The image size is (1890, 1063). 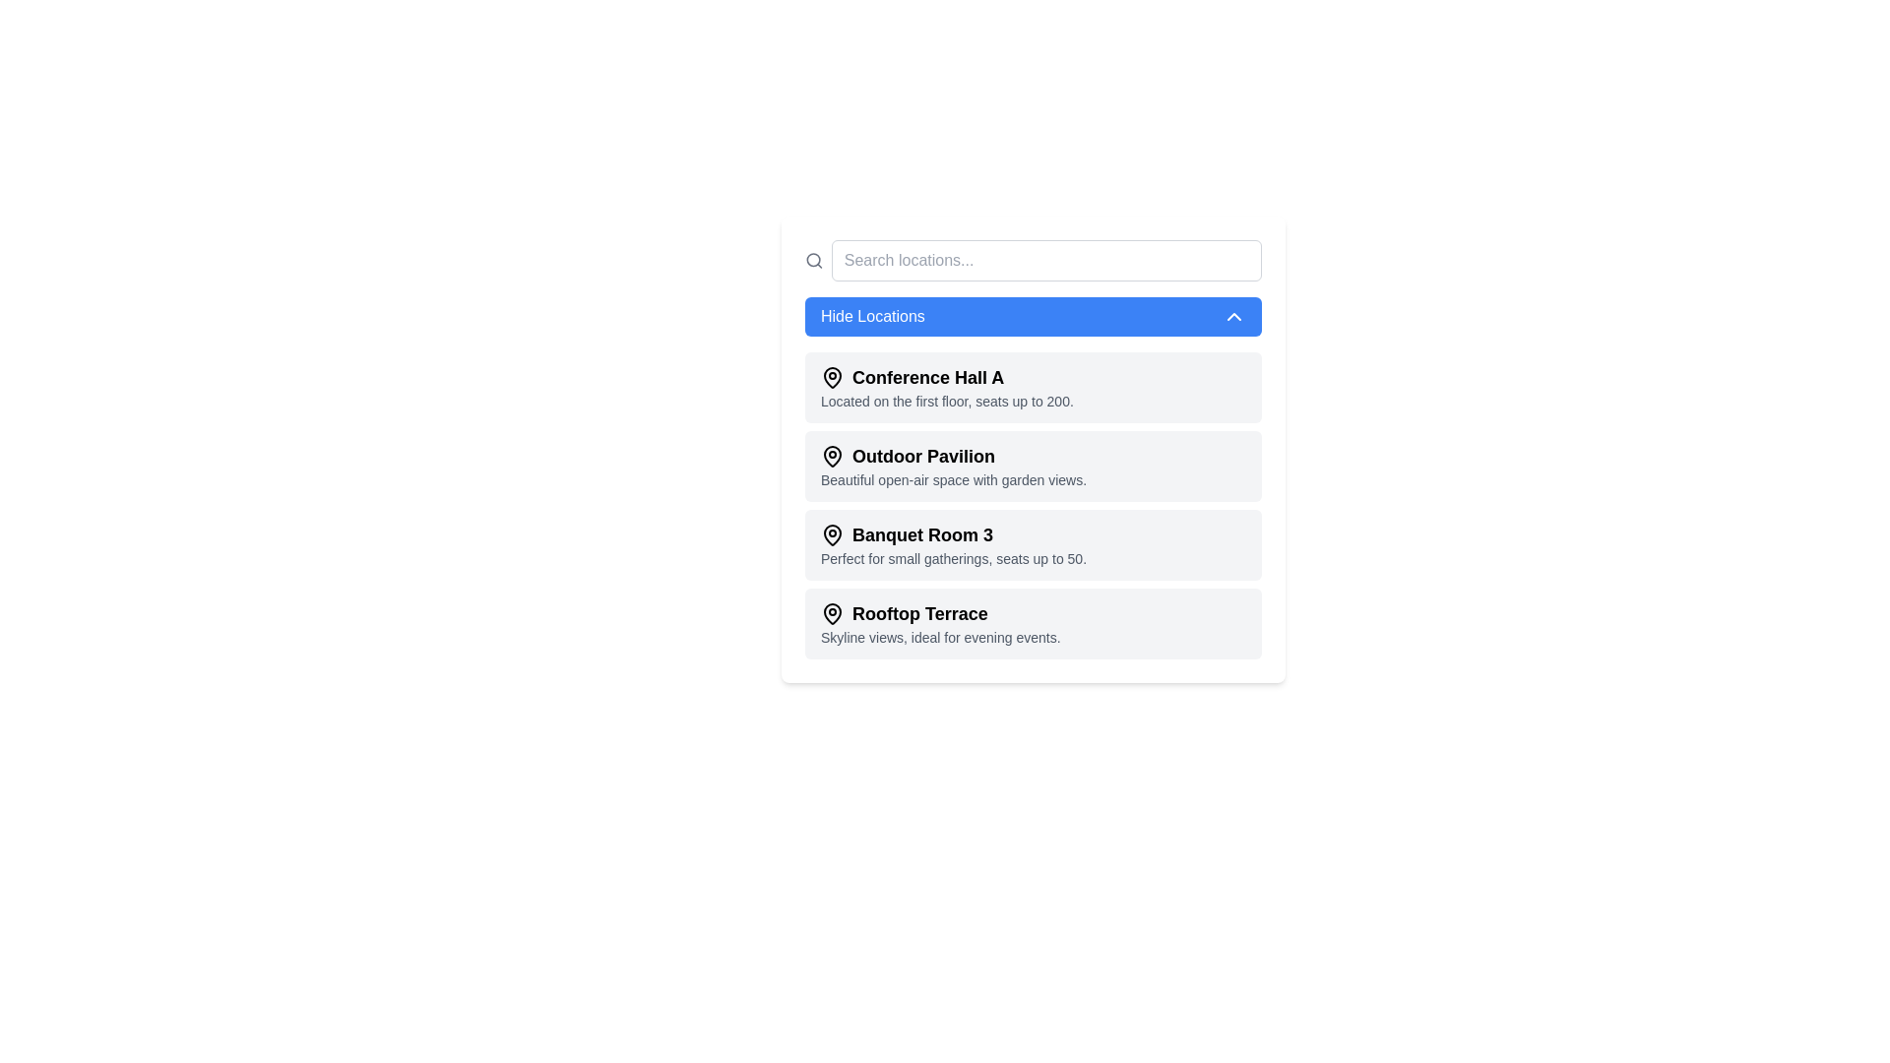 I want to click on descriptive text component located below the title 'Rooftop Terrace', which mentions 'Skyline views, ideal for evening events.', so click(x=939, y=638).